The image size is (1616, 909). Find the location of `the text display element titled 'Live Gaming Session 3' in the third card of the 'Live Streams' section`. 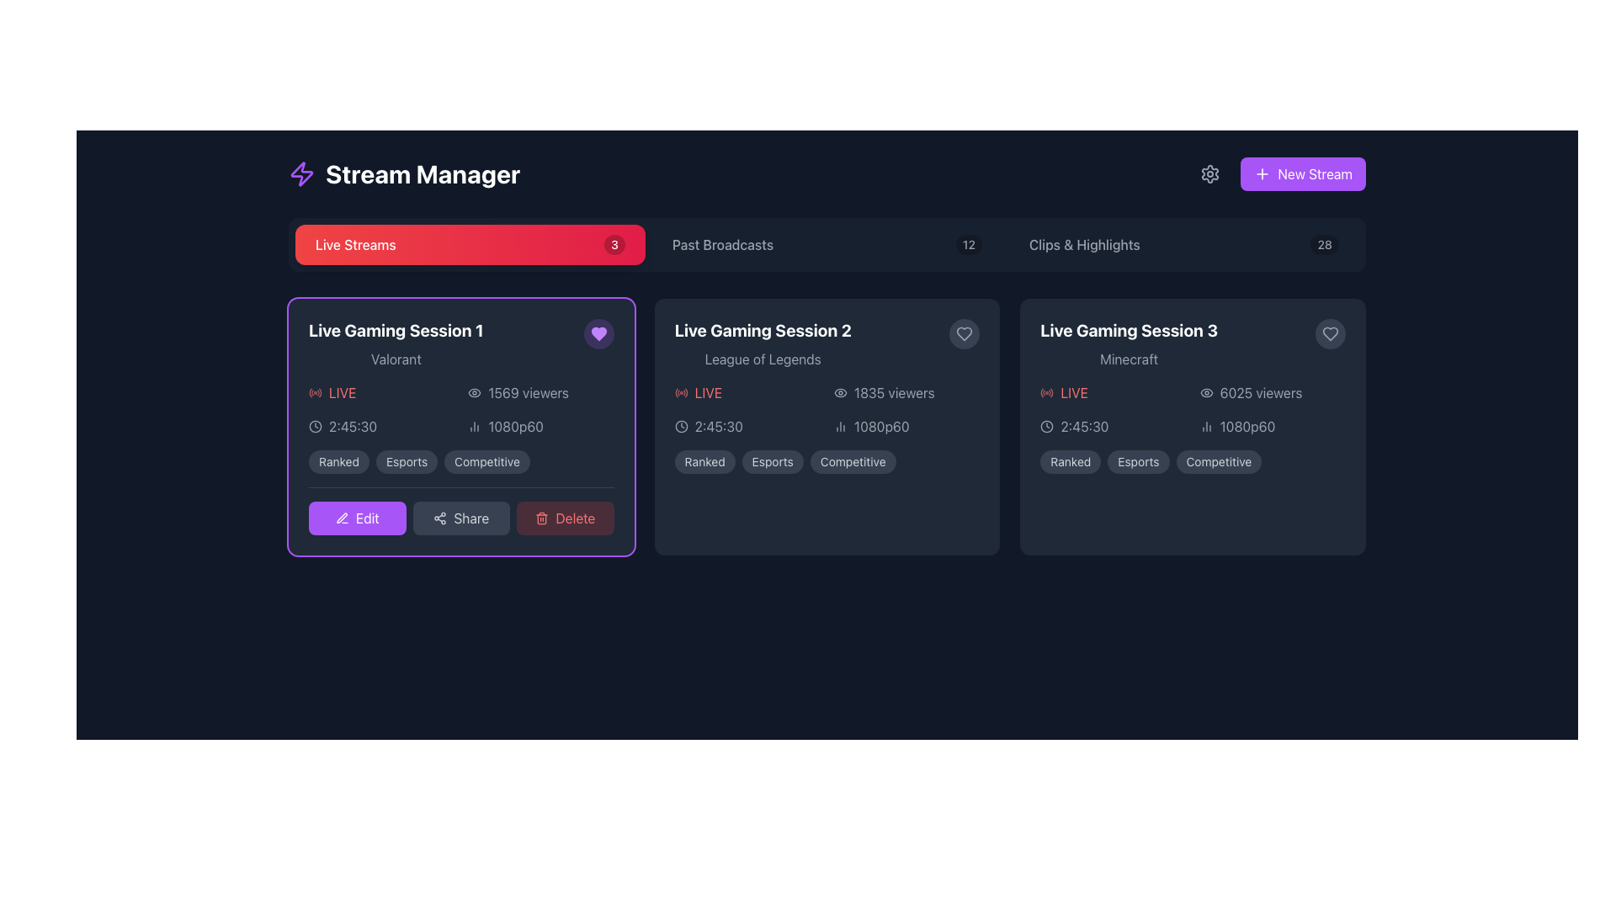

the text display element titled 'Live Gaming Session 3' in the third card of the 'Live Streams' section is located at coordinates (1129, 343).